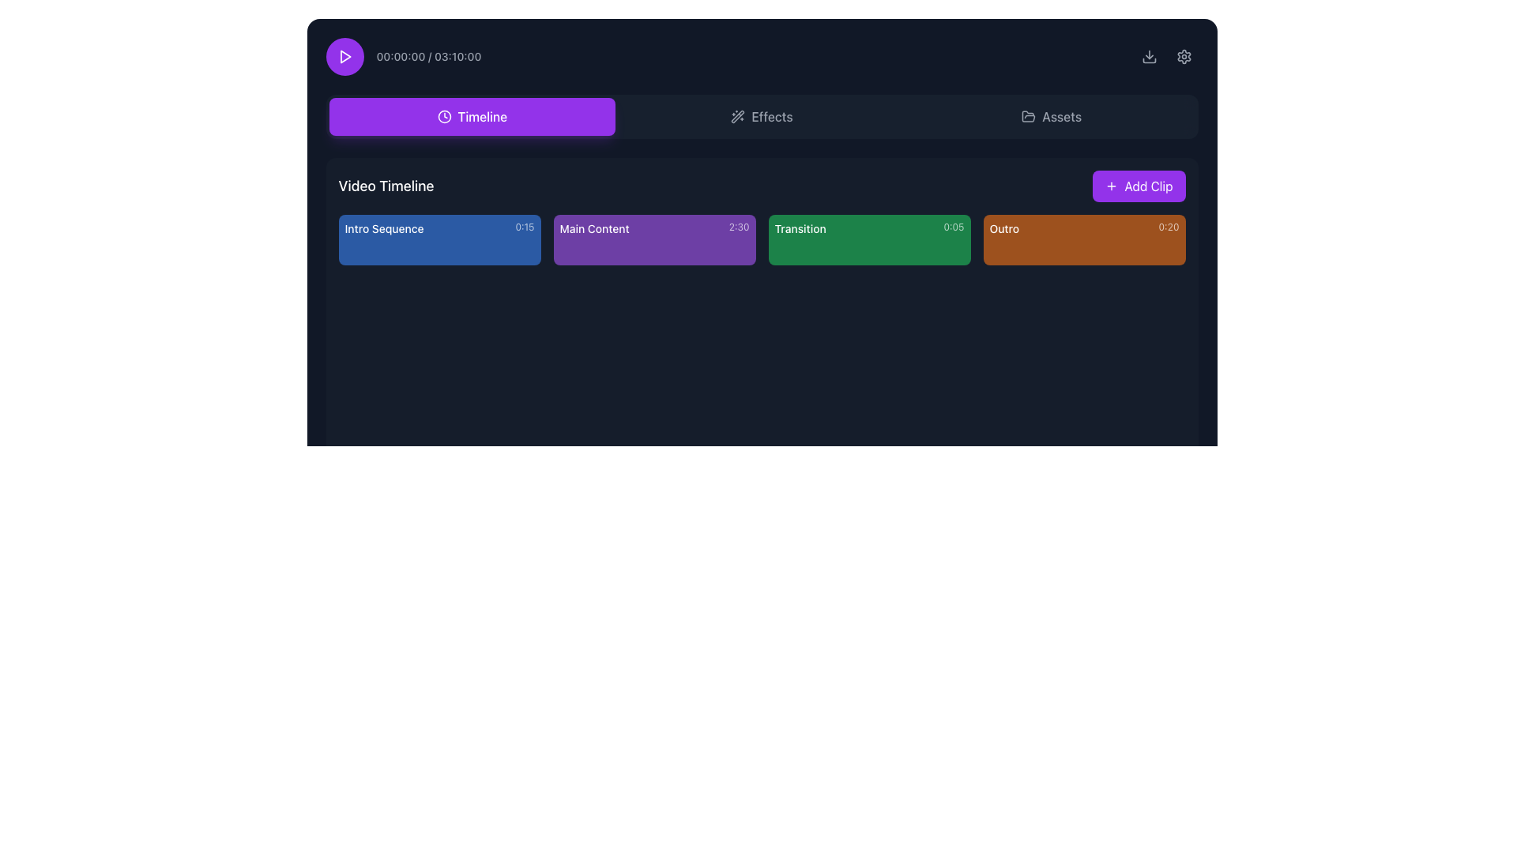 This screenshot has width=1517, height=853. I want to click on the download icon button located at the top-right corner of the interface, adjacent to the settings gear icon, to initiate a download, so click(1149, 56).